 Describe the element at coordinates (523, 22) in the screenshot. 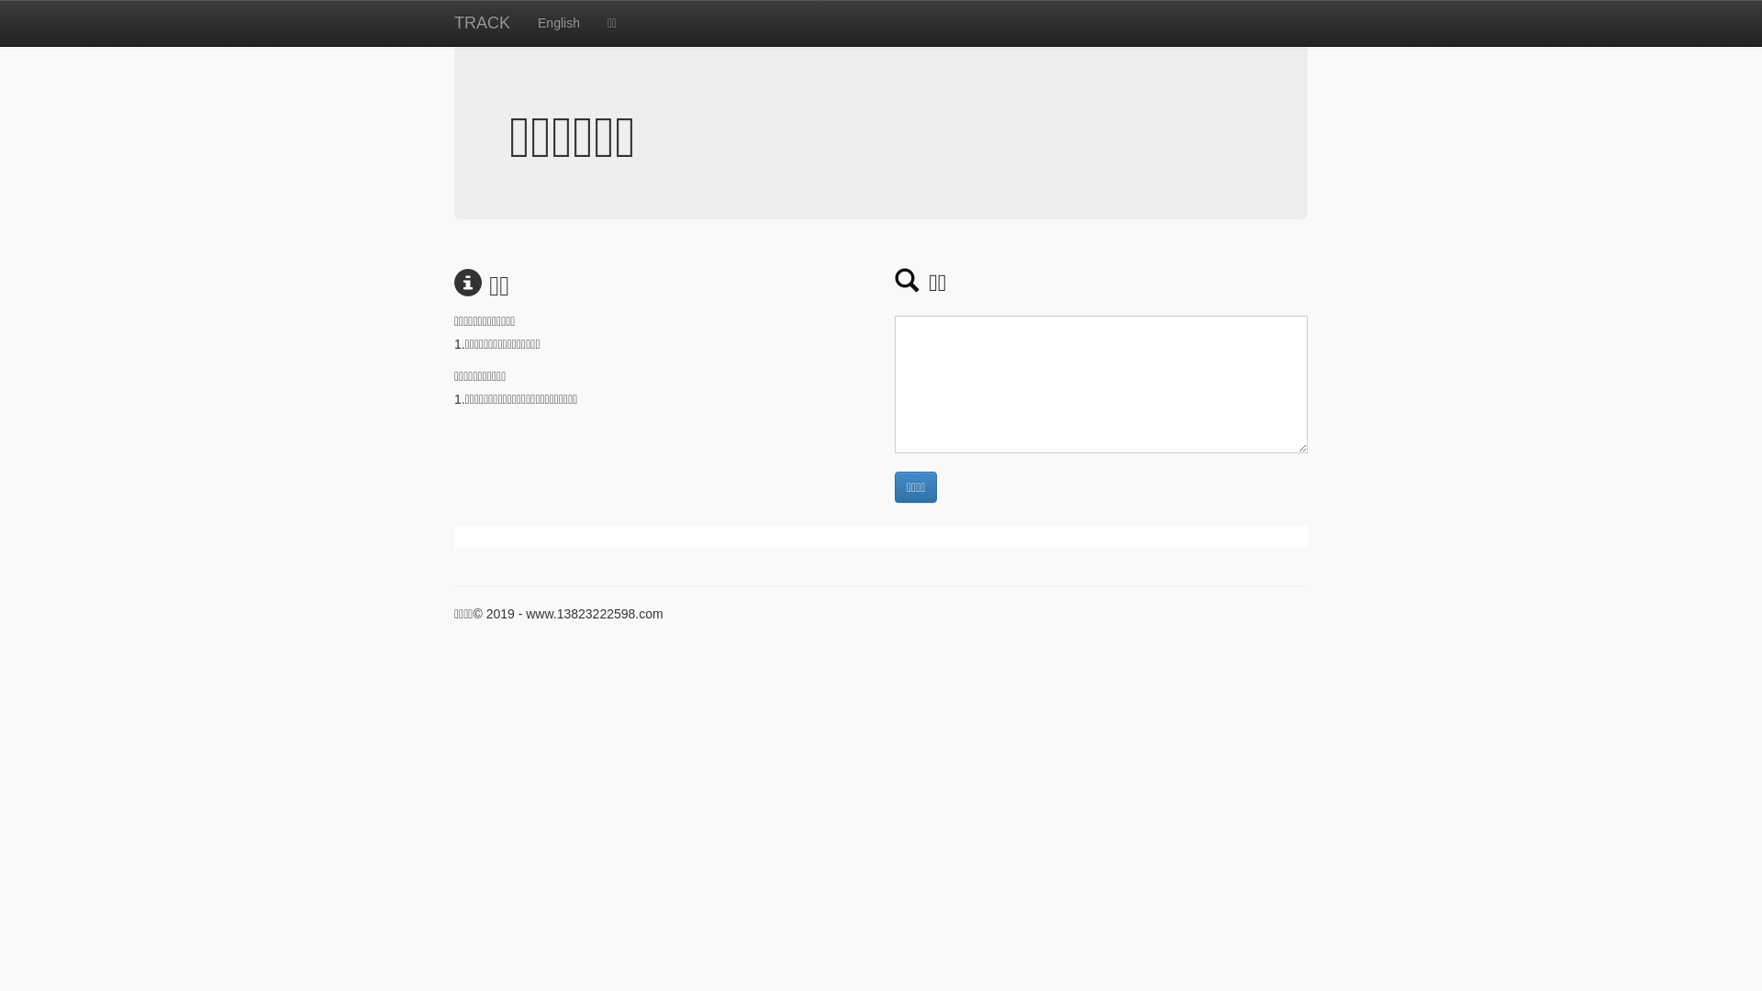

I see `'English'` at that location.